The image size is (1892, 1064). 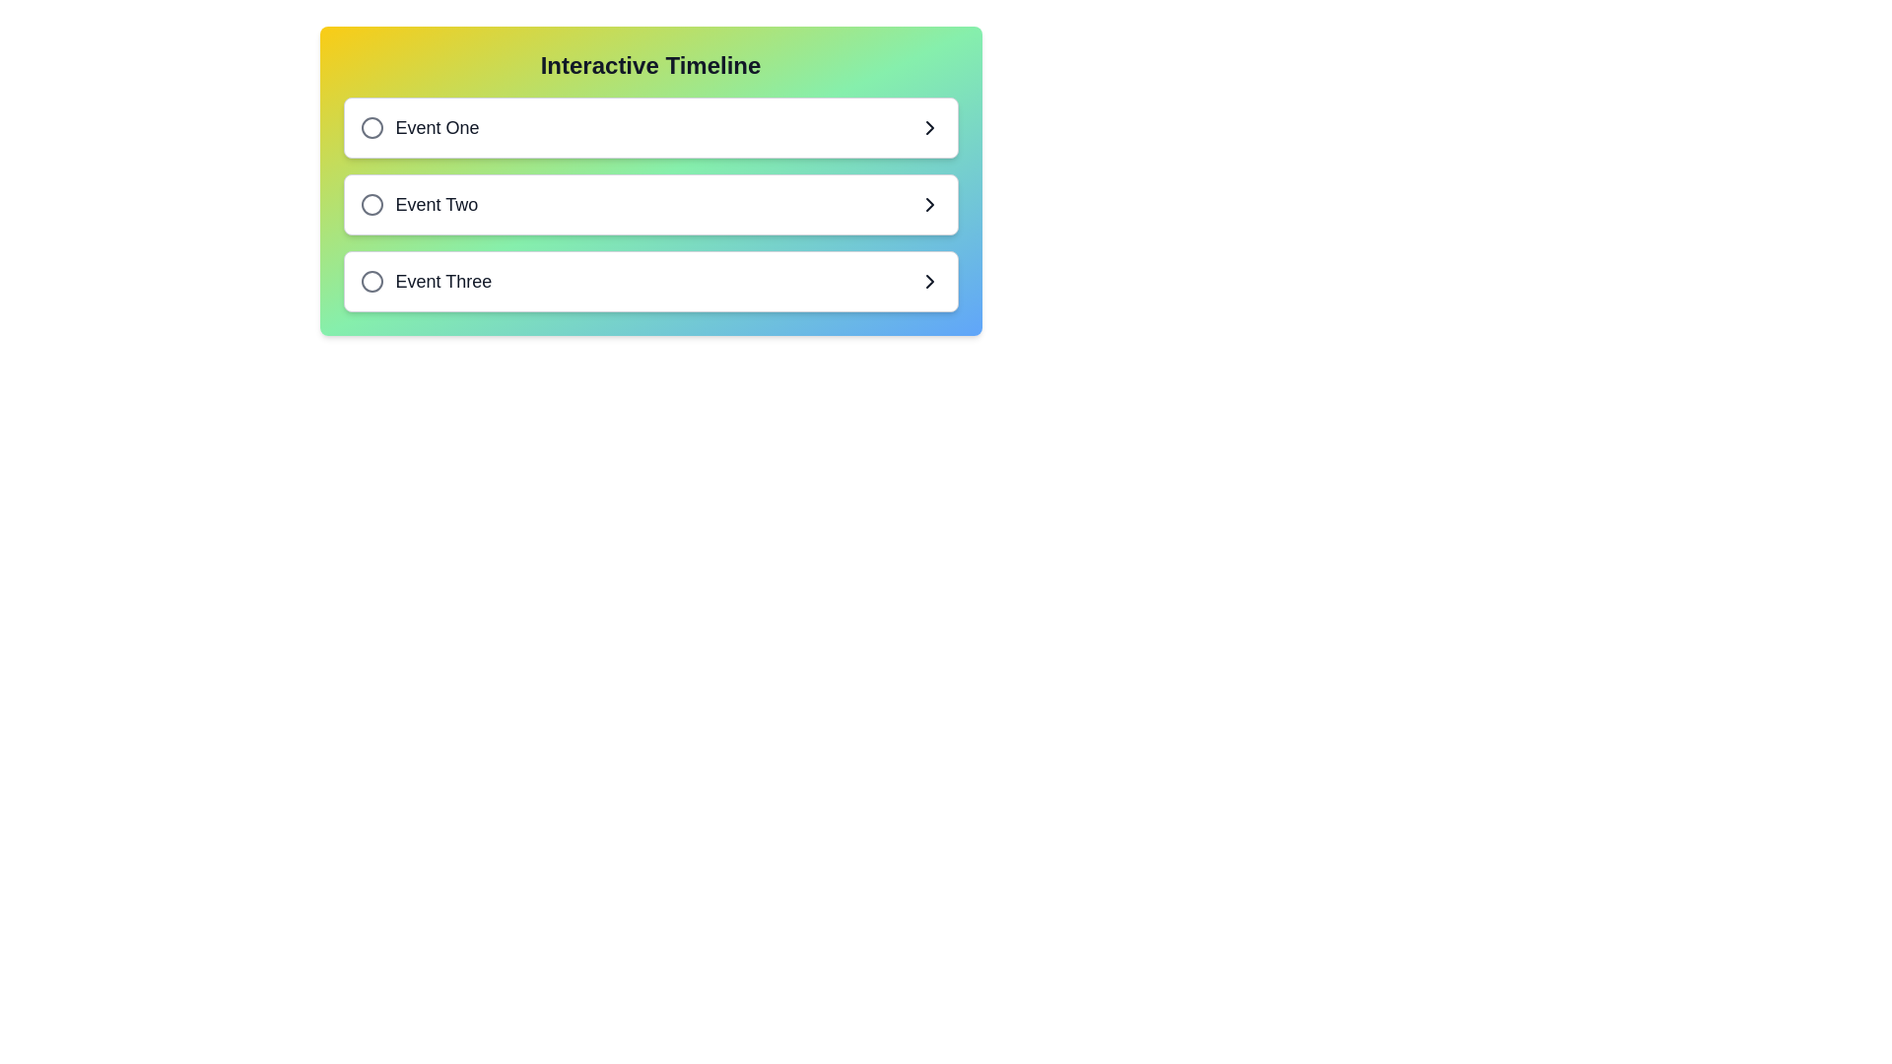 I want to click on the first list item labeled 'Event One' in the Interactive Timeline, so click(x=650, y=128).